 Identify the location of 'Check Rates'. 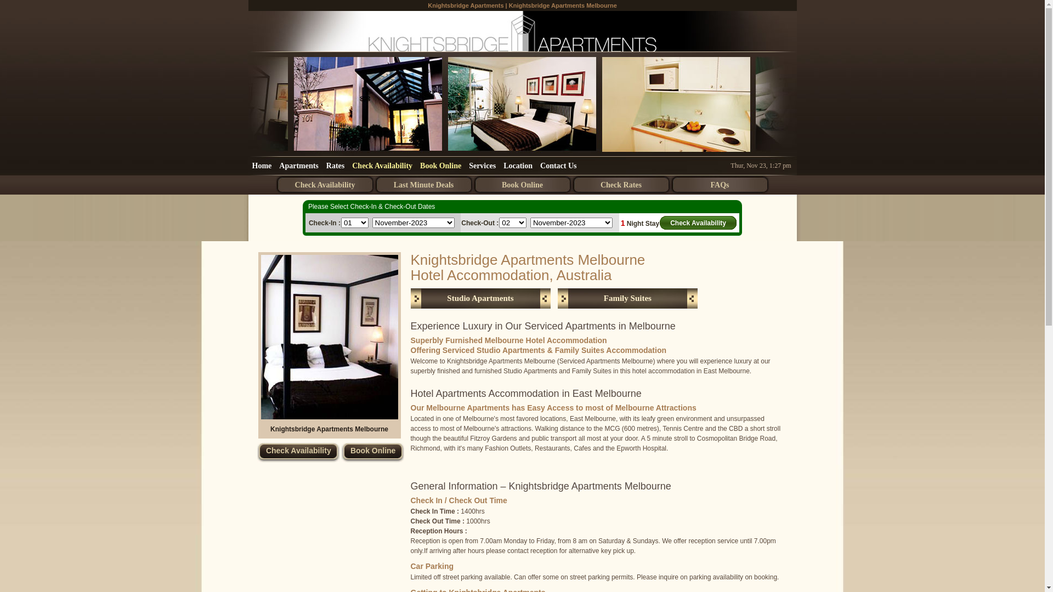
(621, 184).